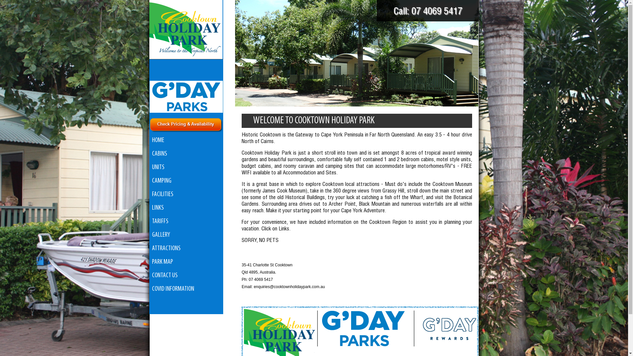 The height and width of the screenshot is (356, 633). I want to click on 'LINKS', so click(149, 208).